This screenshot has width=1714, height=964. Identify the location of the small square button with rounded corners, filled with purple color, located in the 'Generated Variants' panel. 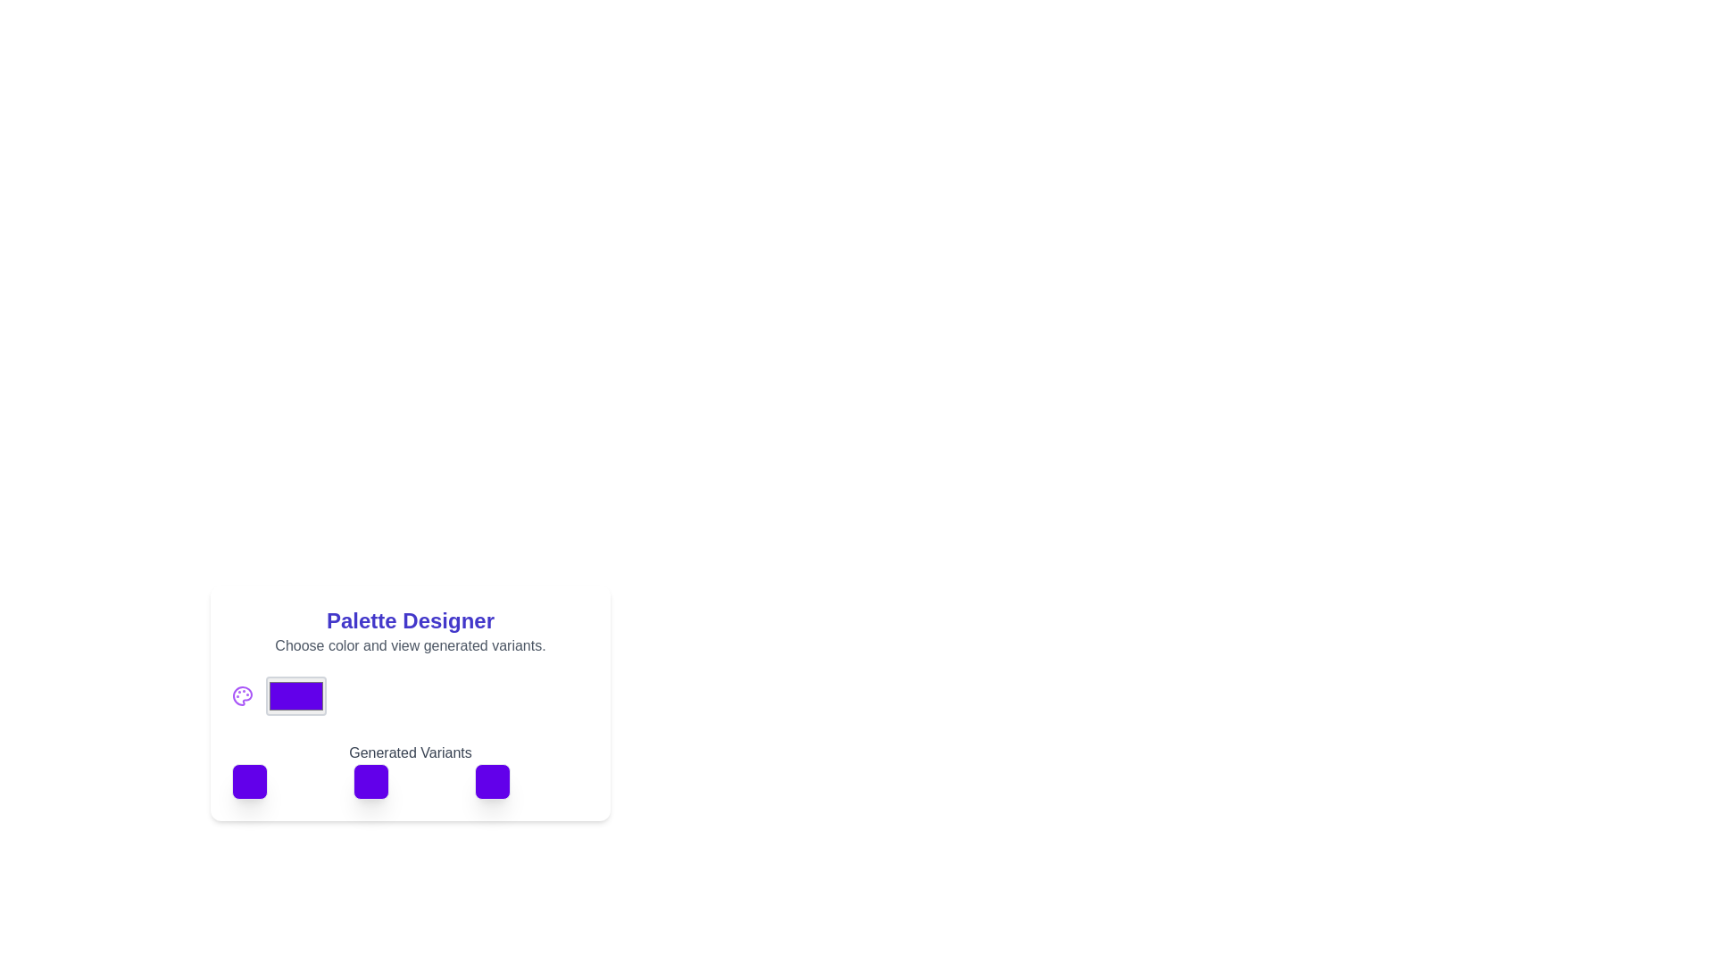
(248, 780).